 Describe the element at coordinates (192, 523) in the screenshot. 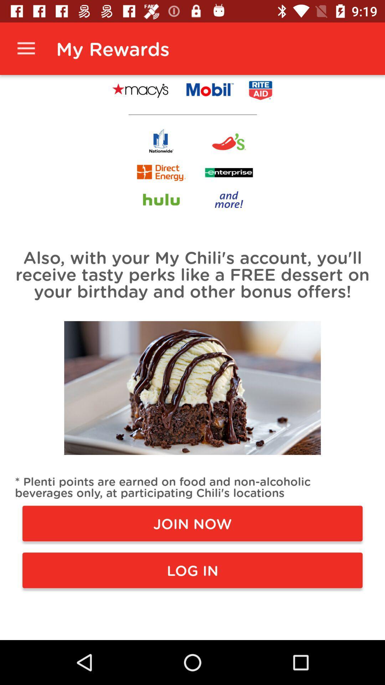

I see `the join now icon` at that location.